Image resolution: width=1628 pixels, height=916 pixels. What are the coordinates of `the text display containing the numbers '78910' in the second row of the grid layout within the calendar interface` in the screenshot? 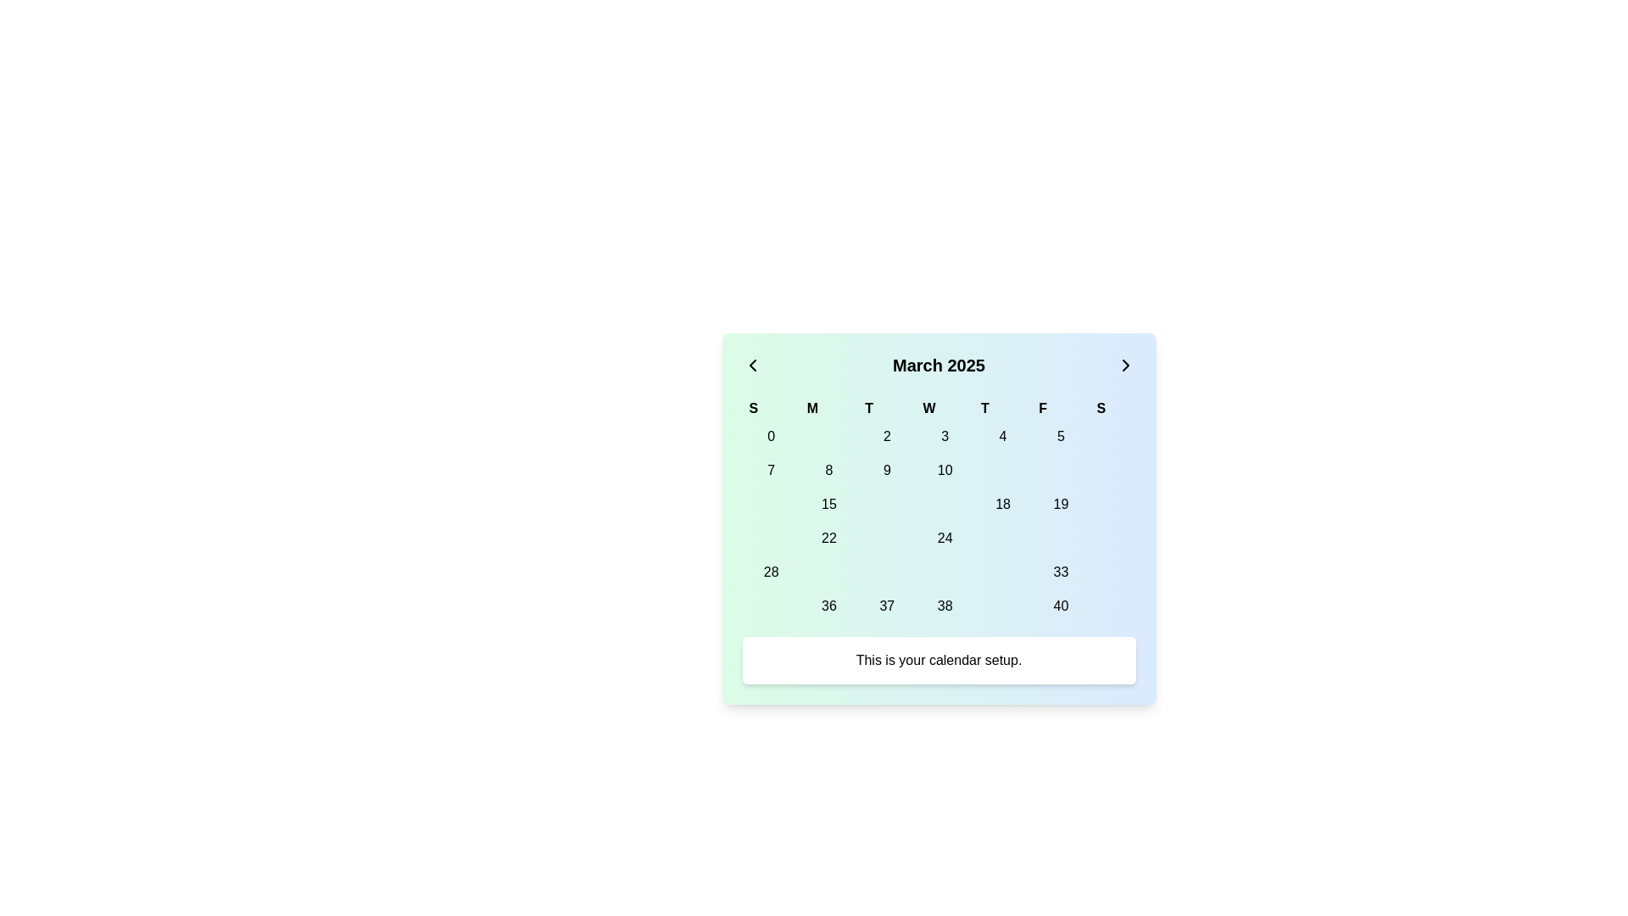 It's located at (938, 471).